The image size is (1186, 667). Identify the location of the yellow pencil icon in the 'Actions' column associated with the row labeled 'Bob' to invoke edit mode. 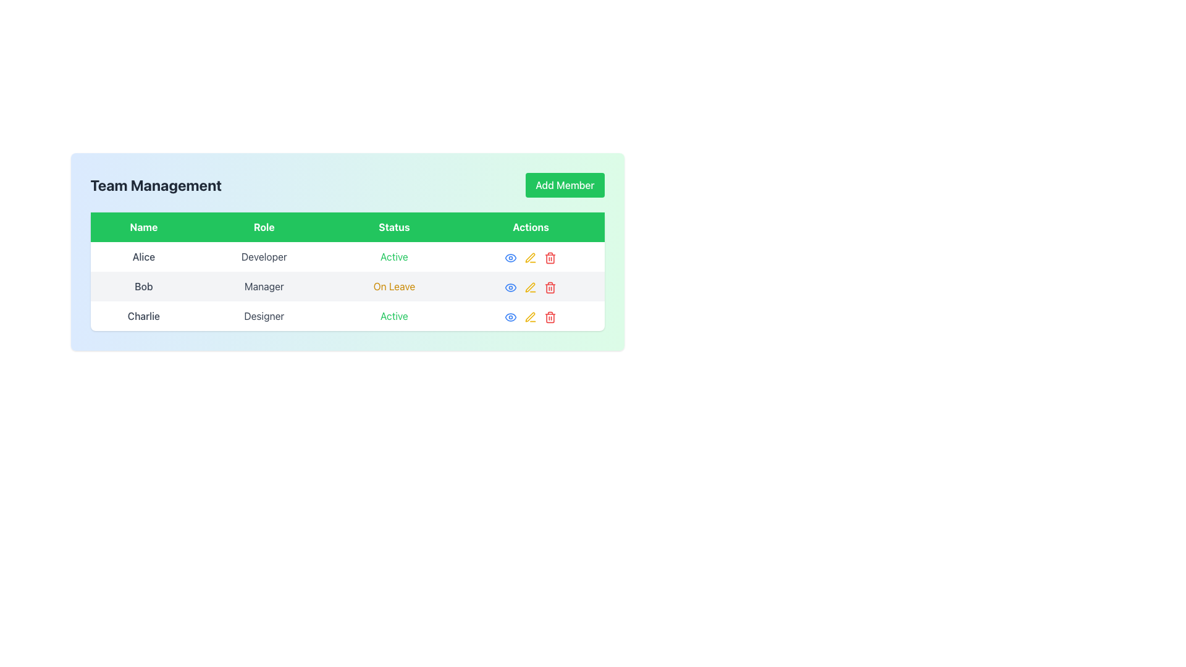
(531, 256).